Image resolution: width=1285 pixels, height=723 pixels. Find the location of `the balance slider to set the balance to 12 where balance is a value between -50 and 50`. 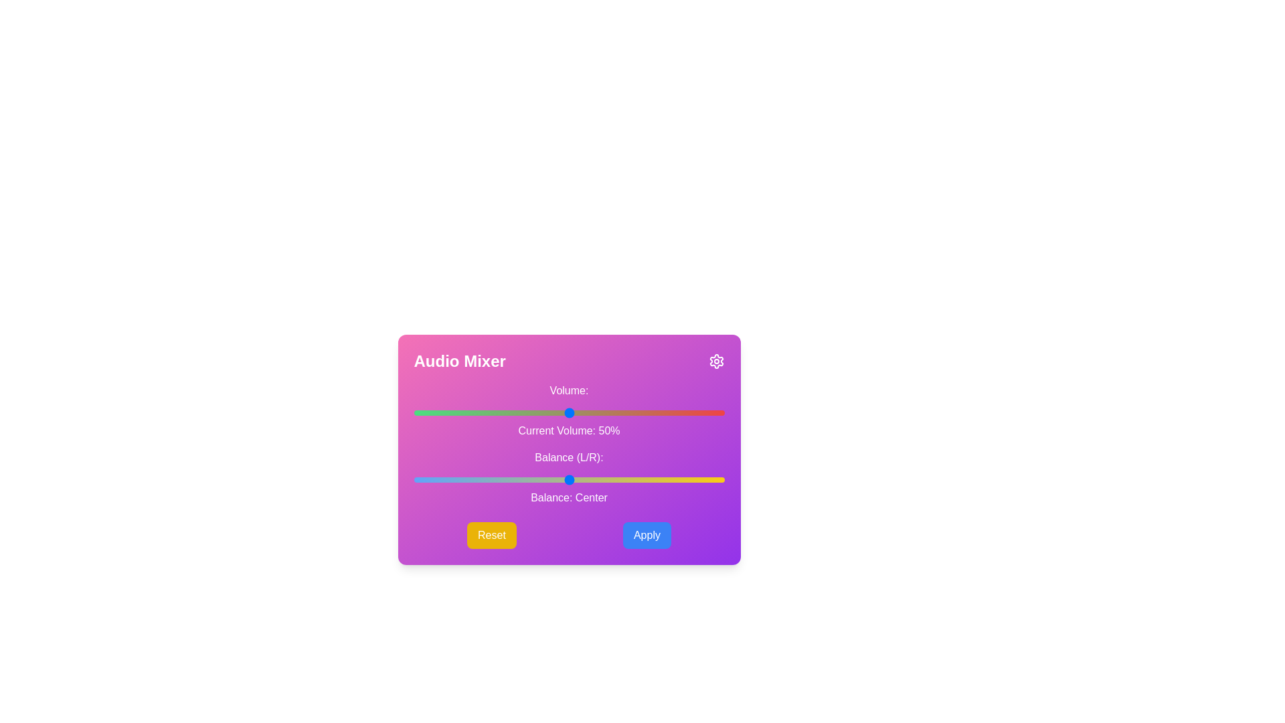

the balance slider to set the balance to 12 where balance is a value between -50 and 50 is located at coordinates (606, 479).